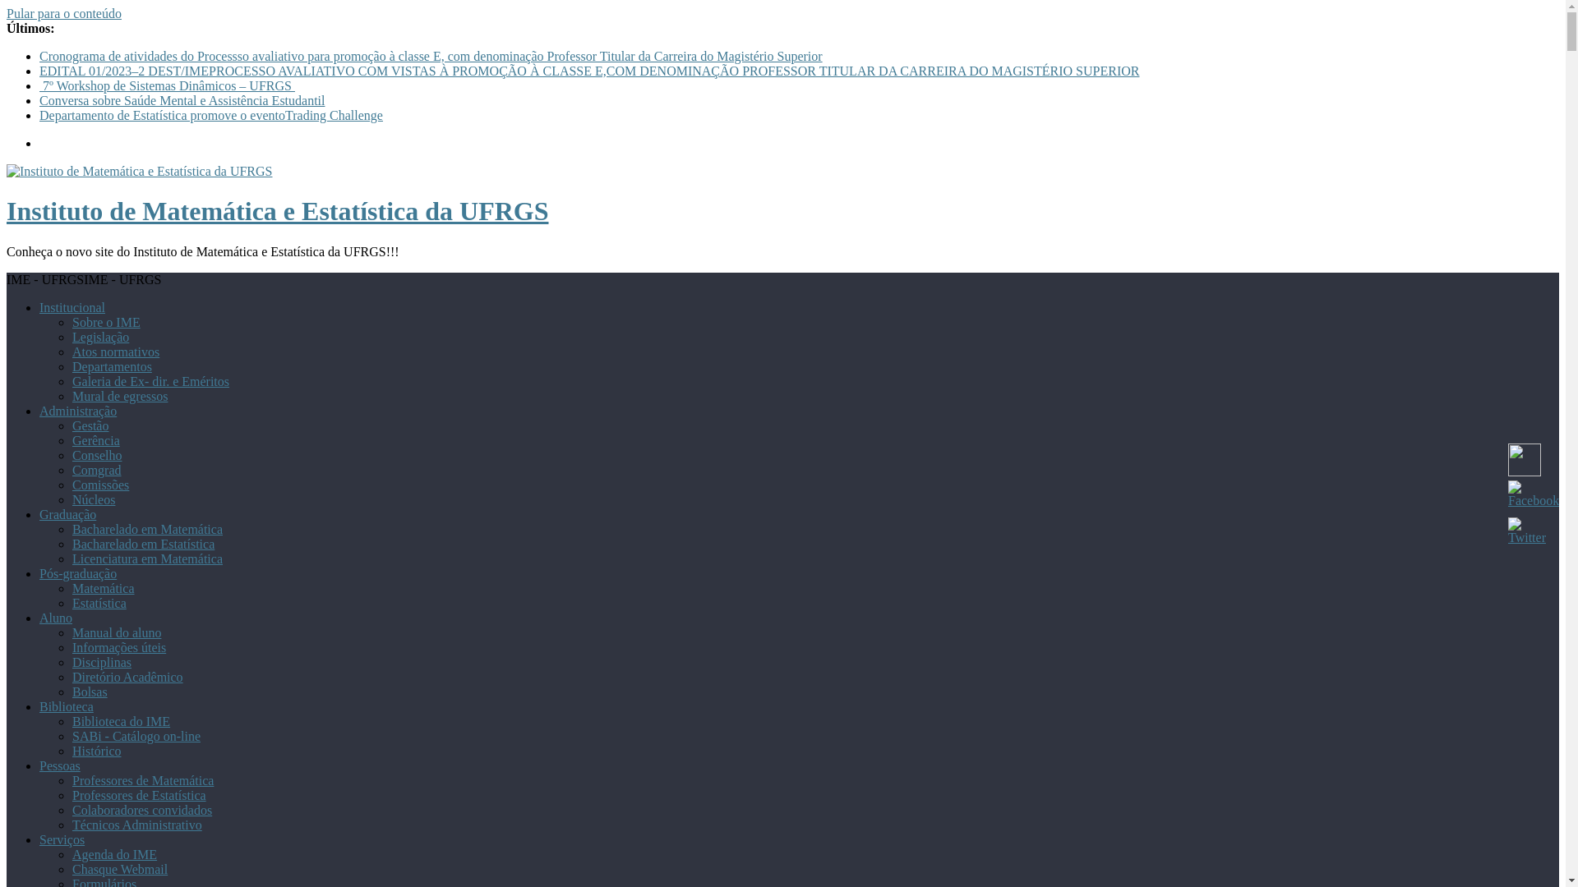 This screenshot has width=1578, height=887. Describe the element at coordinates (55, 618) in the screenshot. I see `'Aluno'` at that location.